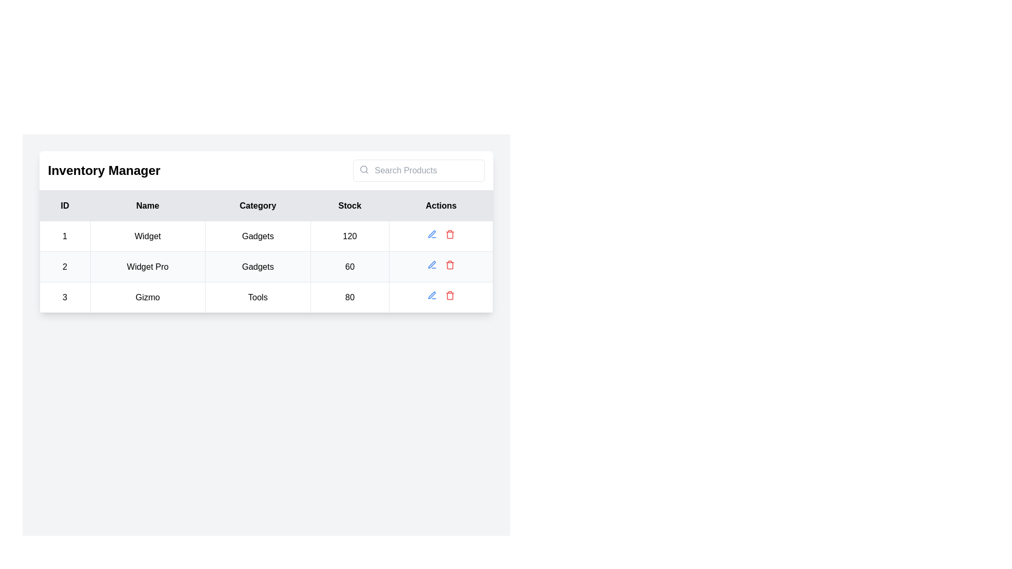  I want to click on the table column header labeled 'Stock', which is the fourth header in a row of five, positioned between 'Category' and 'Actions', so click(349, 205).